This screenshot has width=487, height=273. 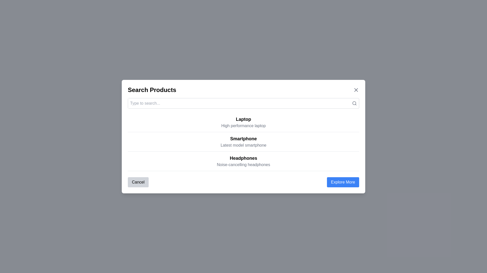 What do you see at coordinates (243, 136) in the screenshot?
I see `text content of the centered modal dialog card labeled 'Smartphone', which is the middle option in a list of items` at bounding box center [243, 136].